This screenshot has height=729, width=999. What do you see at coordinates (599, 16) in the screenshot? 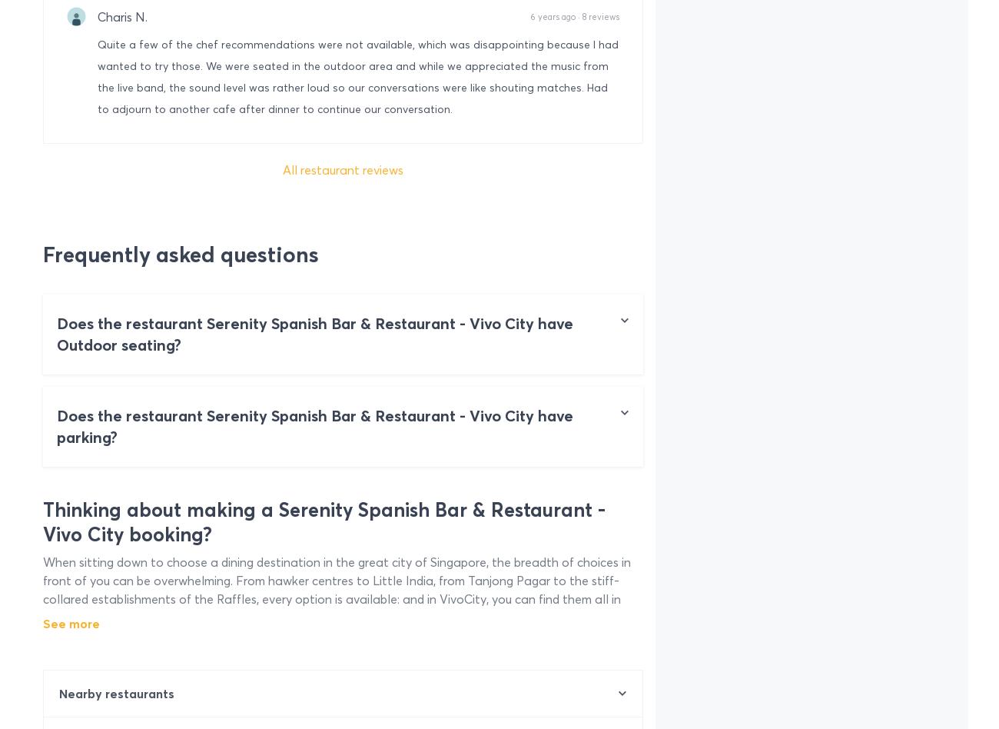
I see `'8 reviews'` at bounding box center [599, 16].